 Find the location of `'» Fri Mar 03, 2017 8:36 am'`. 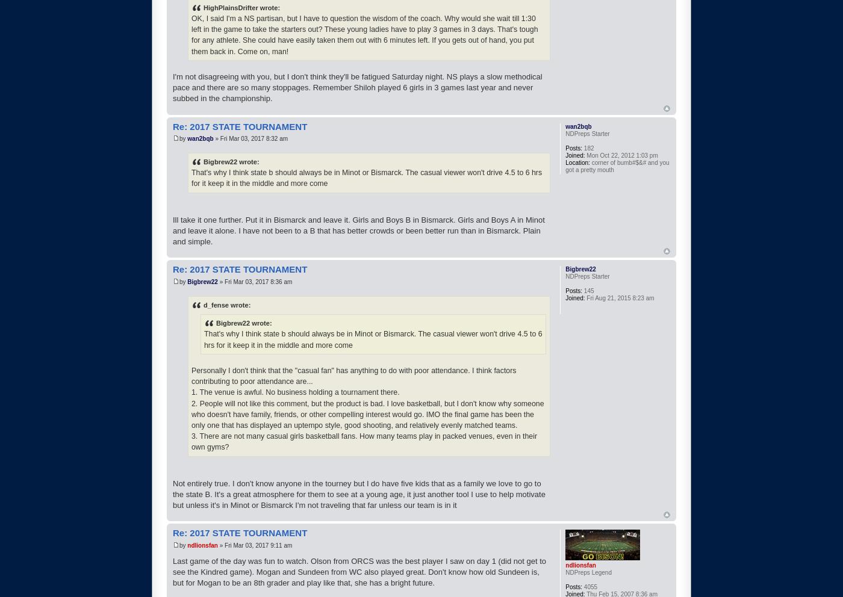

'» Fri Mar 03, 2017 8:36 am' is located at coordinates (254, 281).